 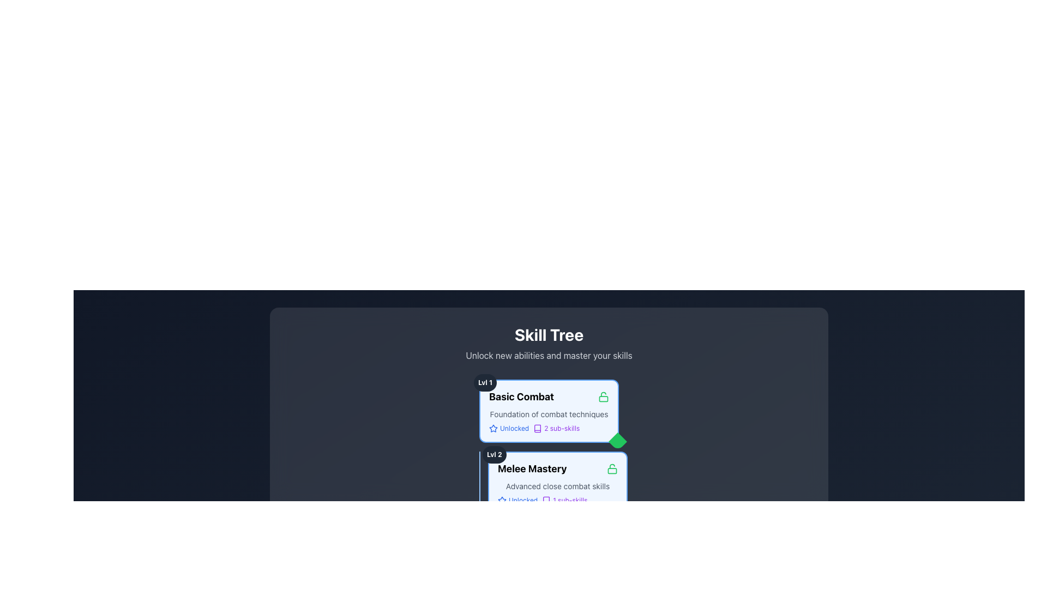 What do you see at coordinates (549, 334) in the screenshot?
I see `the section context` at bounding box center [549, 334].